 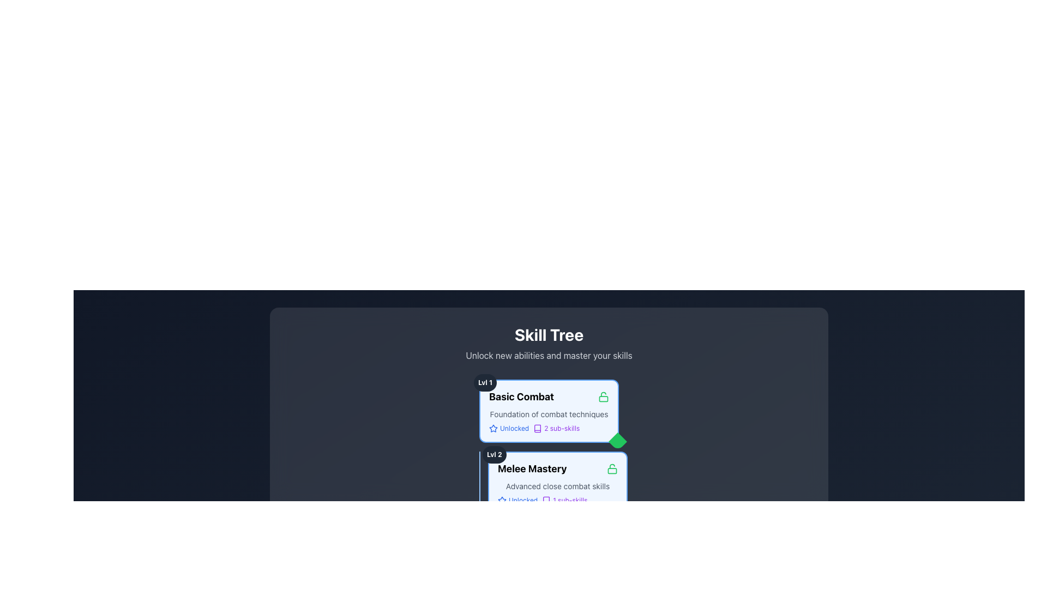 What do you see at coordinates (549, 334) in the screenshot?
I see `the section context` at bounding box center [549, 334].